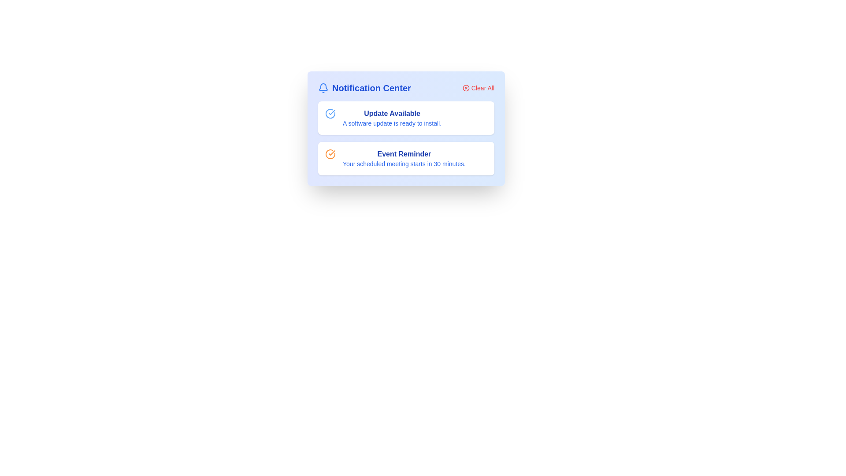  I want to click on the circular icon located in the top-right area of the notification center, which represents a button or status indicator, so click(465, 88).